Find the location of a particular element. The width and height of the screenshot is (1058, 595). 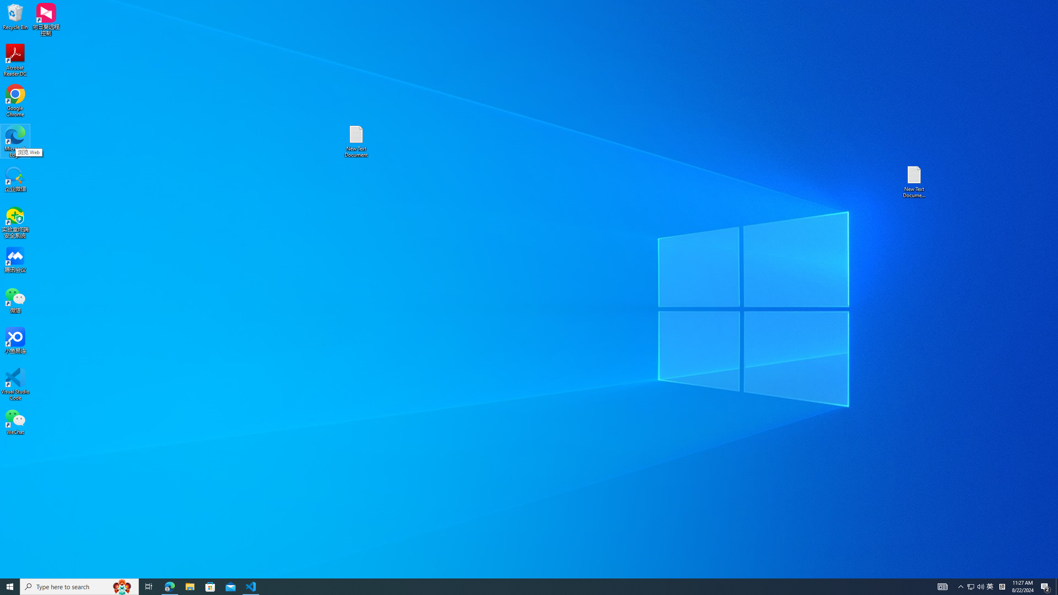

'Start' is located at coordinates (10, 586).